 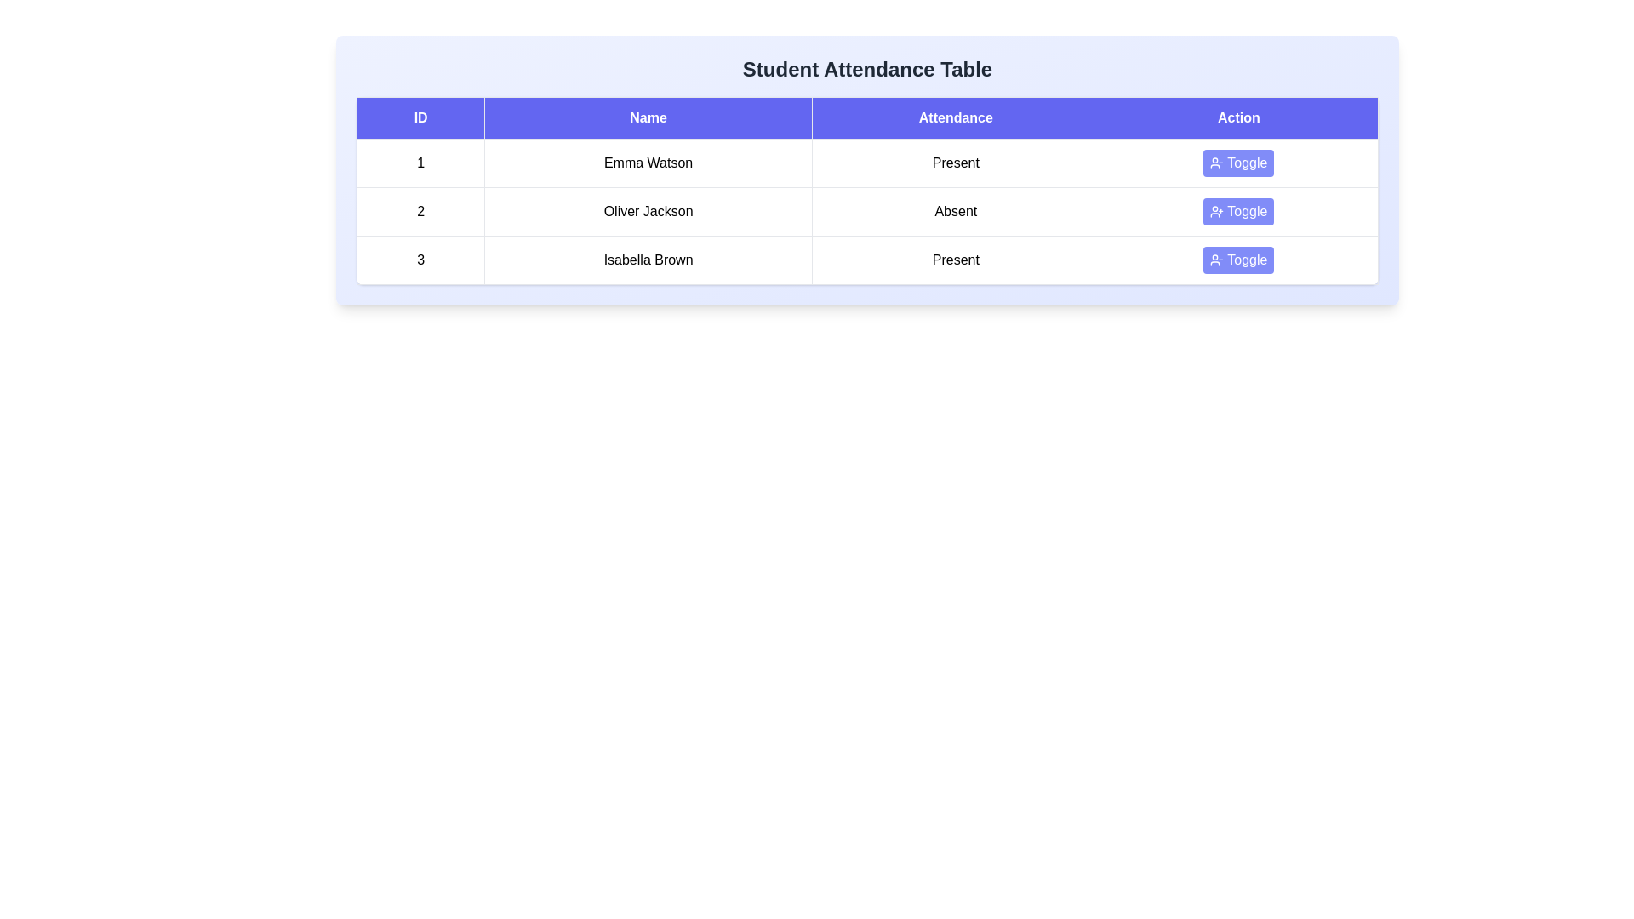 I want to click on the third row of the attendance table, which contains information about a student, so click(x=867, y=260).